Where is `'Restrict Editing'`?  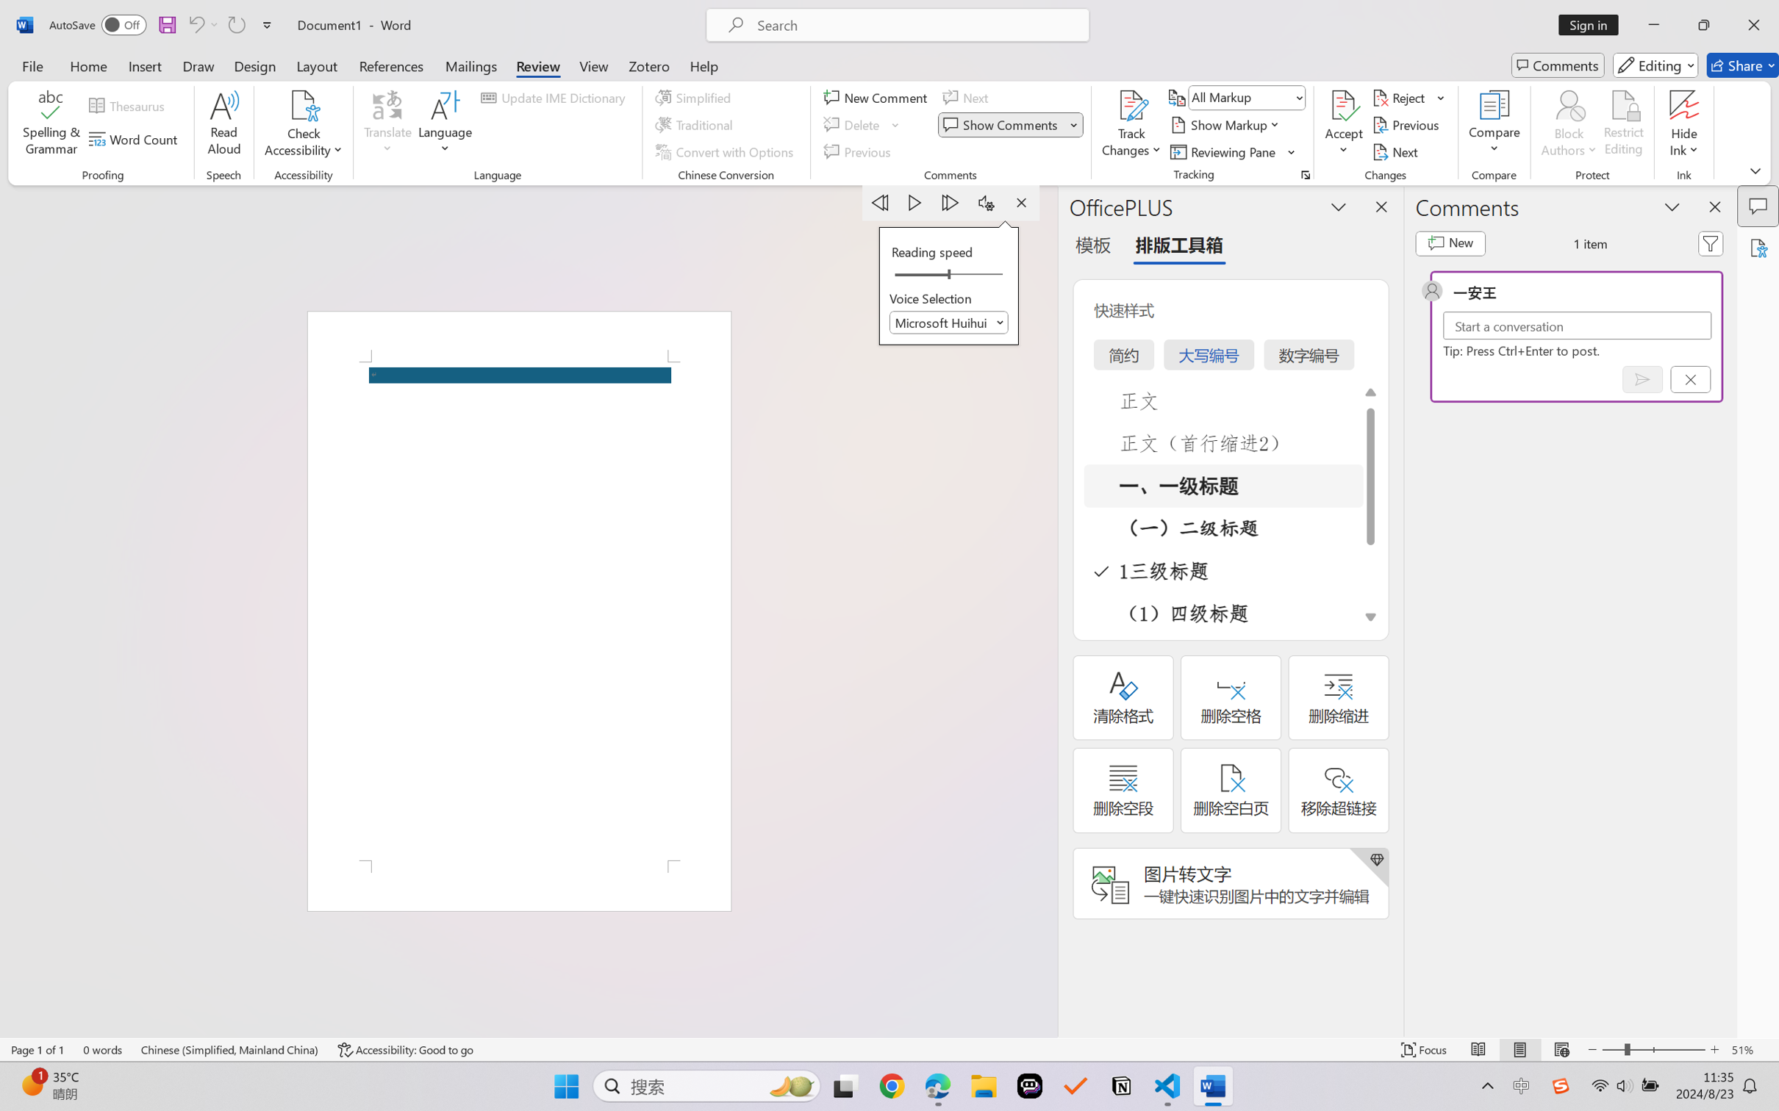 'Restrict Editing' is located at coordinates (1622, 125).